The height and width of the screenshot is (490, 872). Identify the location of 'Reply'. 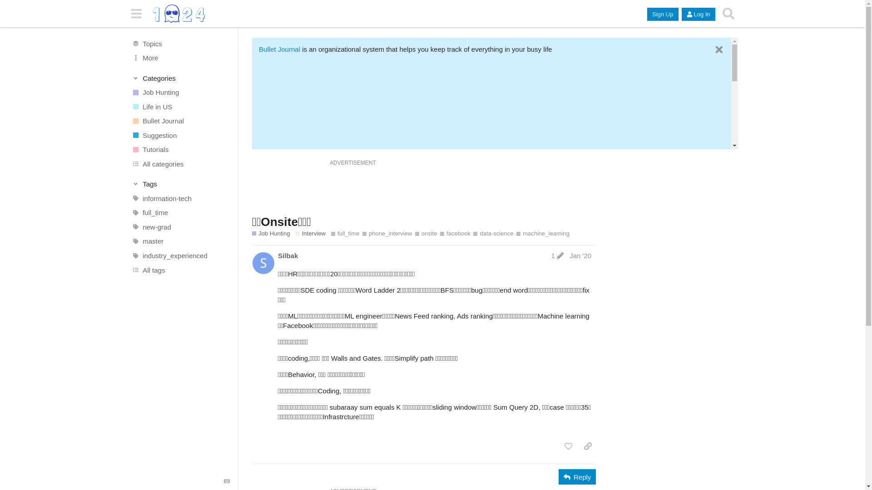
(577, 476).